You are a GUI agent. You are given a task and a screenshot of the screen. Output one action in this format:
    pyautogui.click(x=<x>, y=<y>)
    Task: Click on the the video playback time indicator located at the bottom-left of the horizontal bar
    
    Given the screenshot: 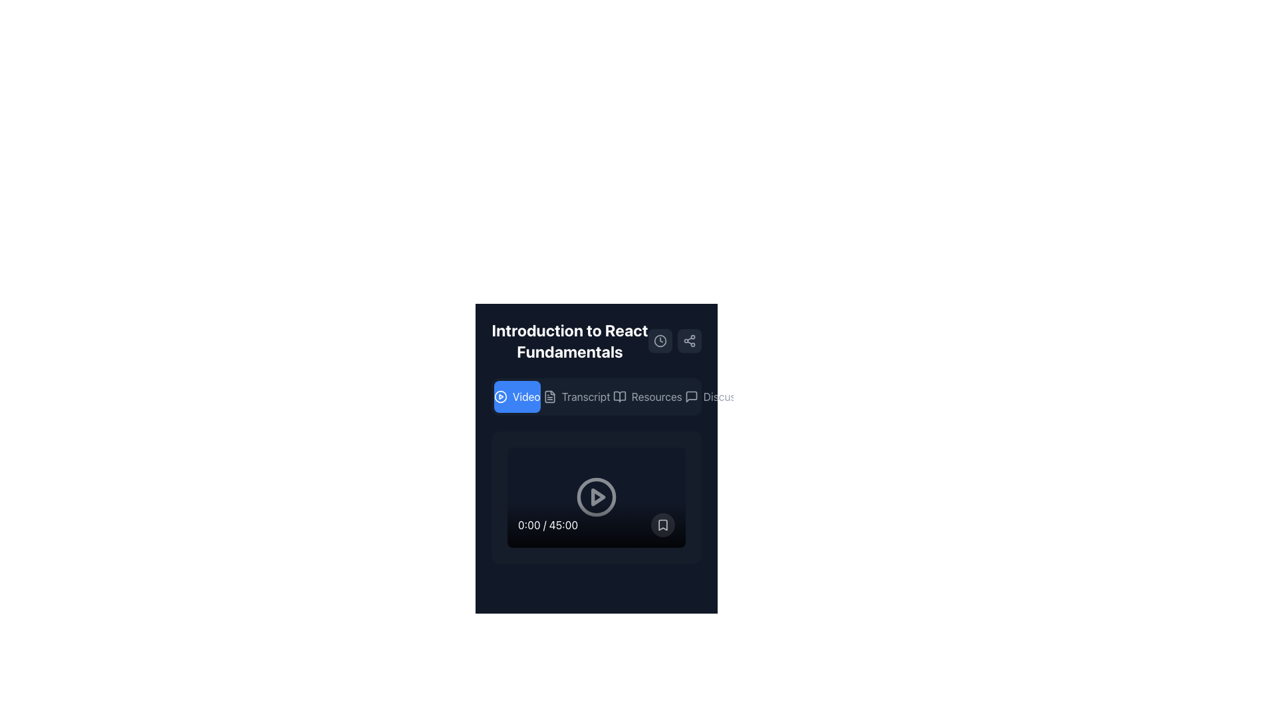 What is the action you would take?
    pyautogui.click(x=548, y=524)
    